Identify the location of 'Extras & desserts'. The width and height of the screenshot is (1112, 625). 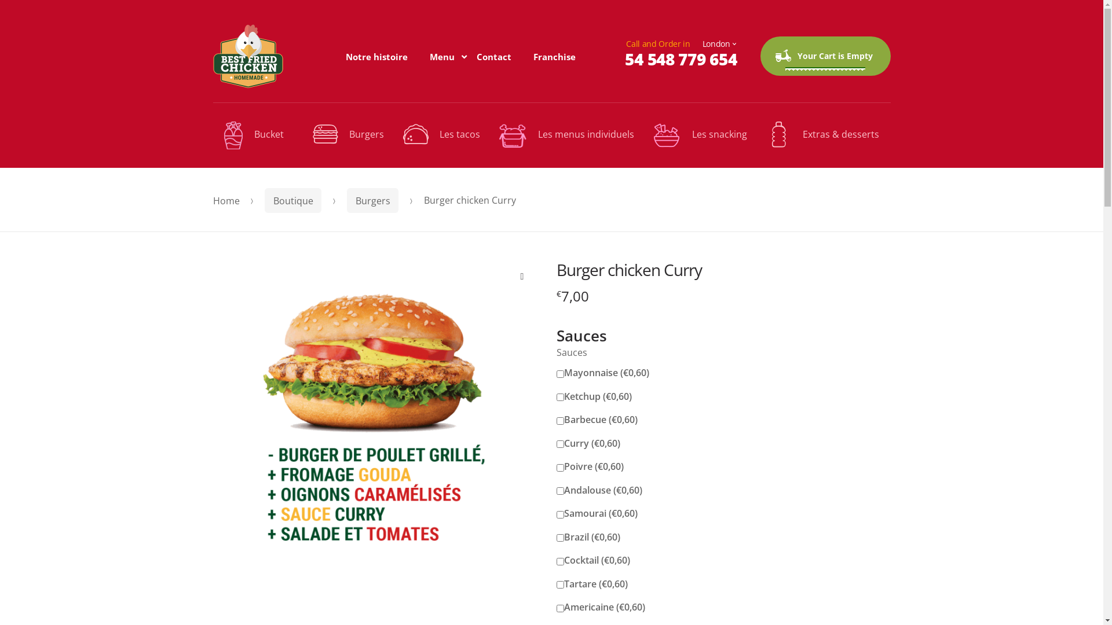
(822, 134).